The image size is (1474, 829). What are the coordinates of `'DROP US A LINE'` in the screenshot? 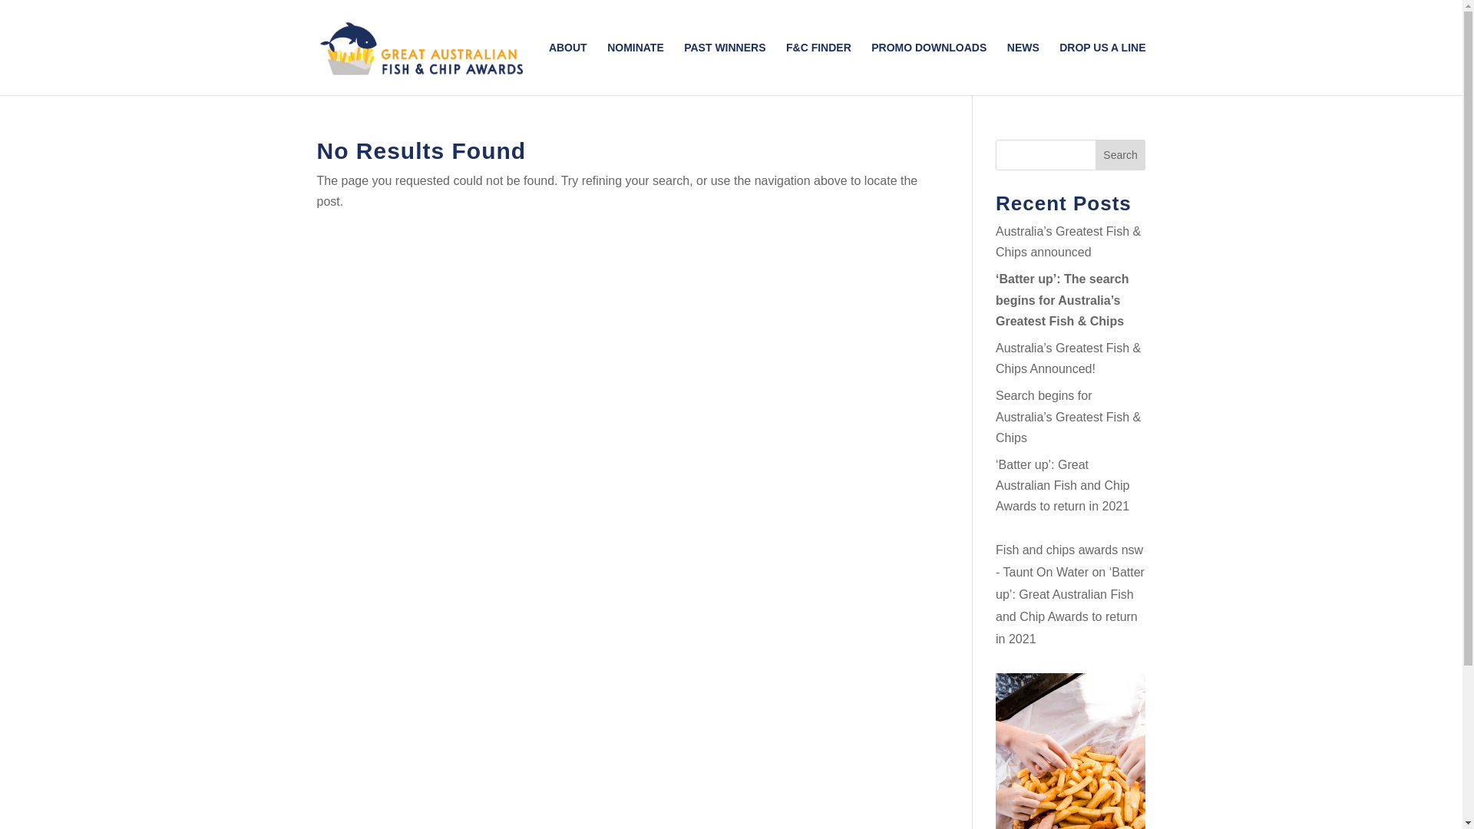 It's located at (1101, 68).